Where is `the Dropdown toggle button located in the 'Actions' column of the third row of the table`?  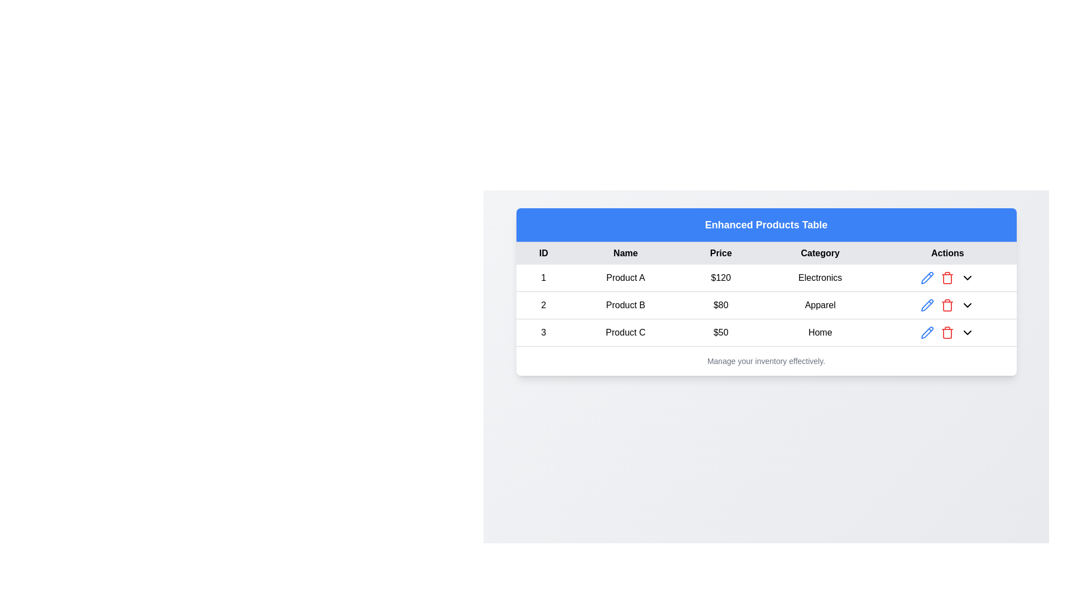
the Dropdown toggle button located in the 'Actions' column of the third row of the table is located at coordinates (967, 332).